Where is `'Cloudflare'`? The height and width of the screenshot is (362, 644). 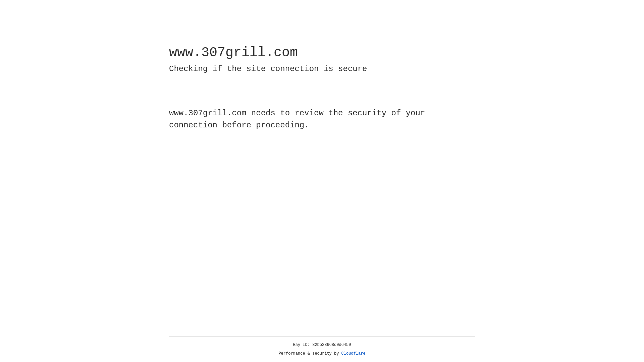
'Cloudflare' is located at coordinates (353, 353).